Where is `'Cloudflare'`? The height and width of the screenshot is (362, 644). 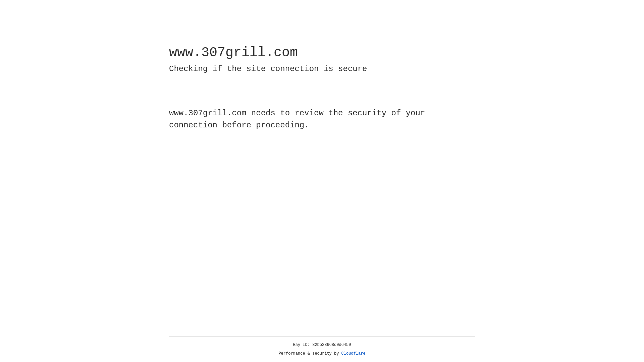
'Cloudflare' is located at coordinates (353, 353).